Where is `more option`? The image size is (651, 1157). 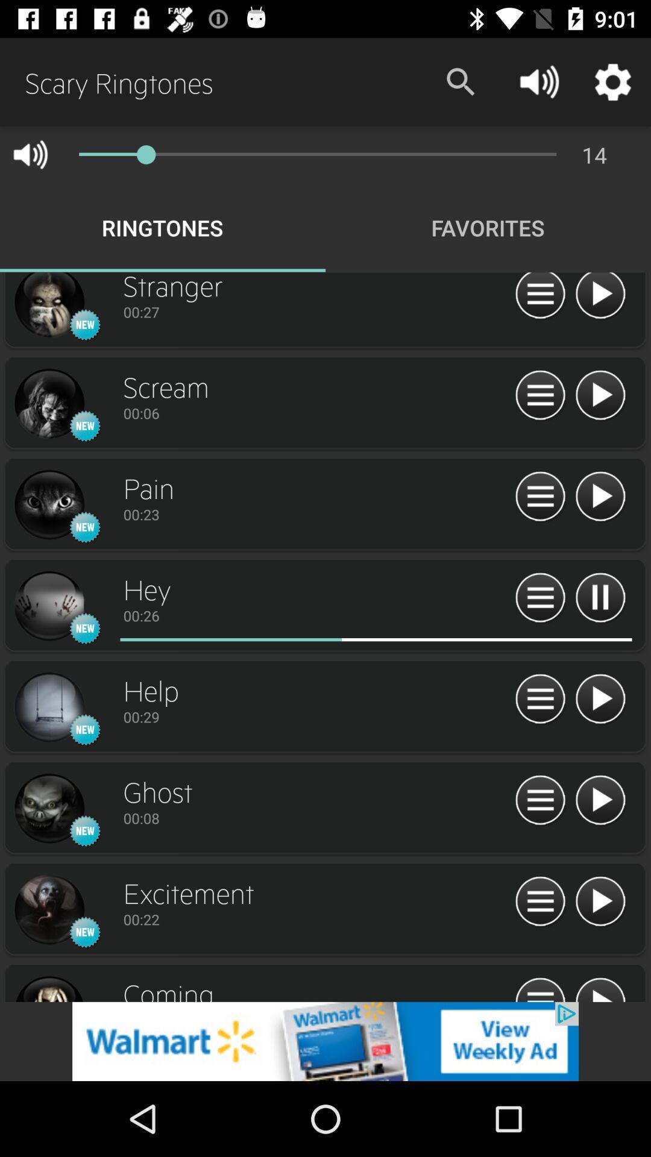 more option is located at coordinates (539, 988).